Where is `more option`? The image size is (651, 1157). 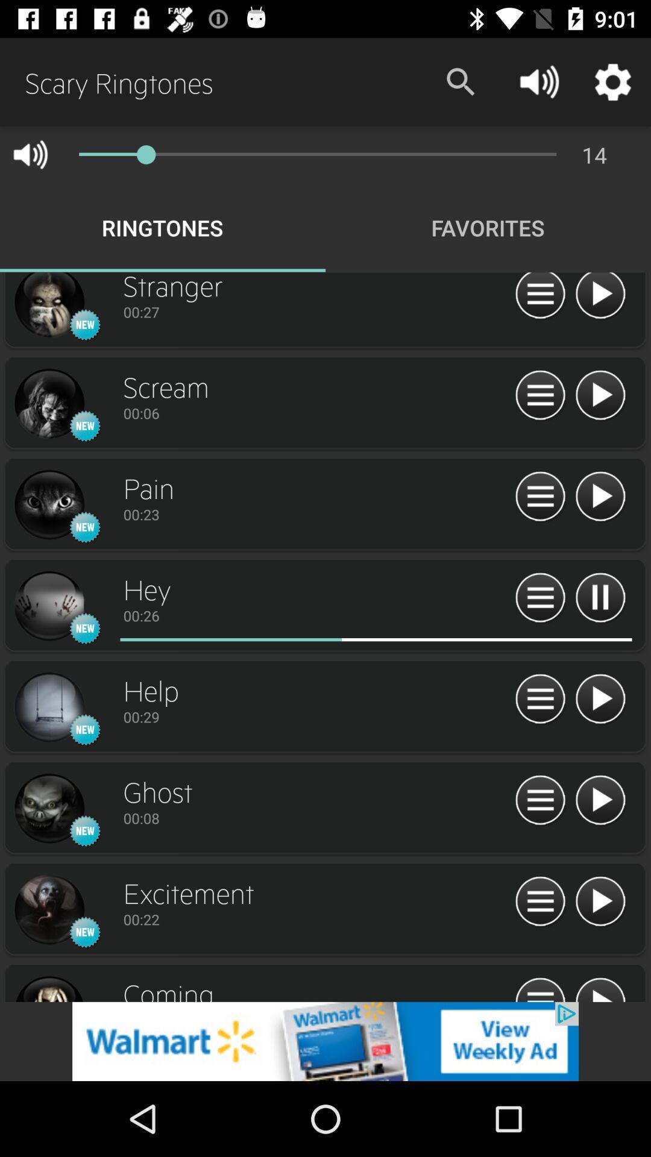 more option is located at coordinates (539, 988).